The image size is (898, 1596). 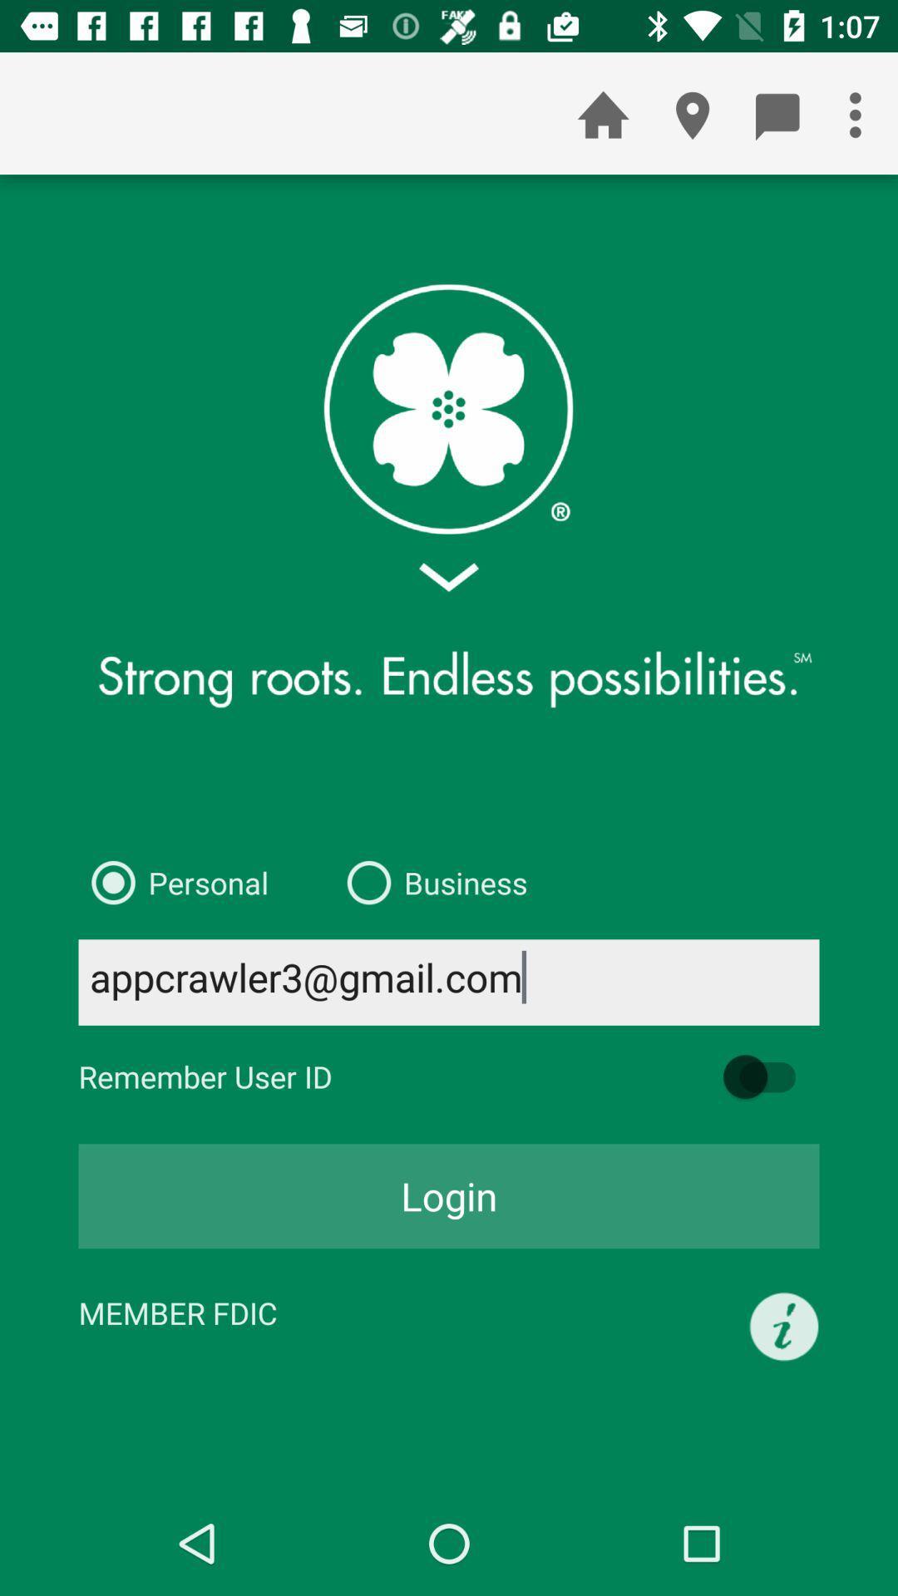 What do you see at coordinates (767, 1076) in the screenshot?
I see `icon above login icon` at bounding box center [767, 1076].